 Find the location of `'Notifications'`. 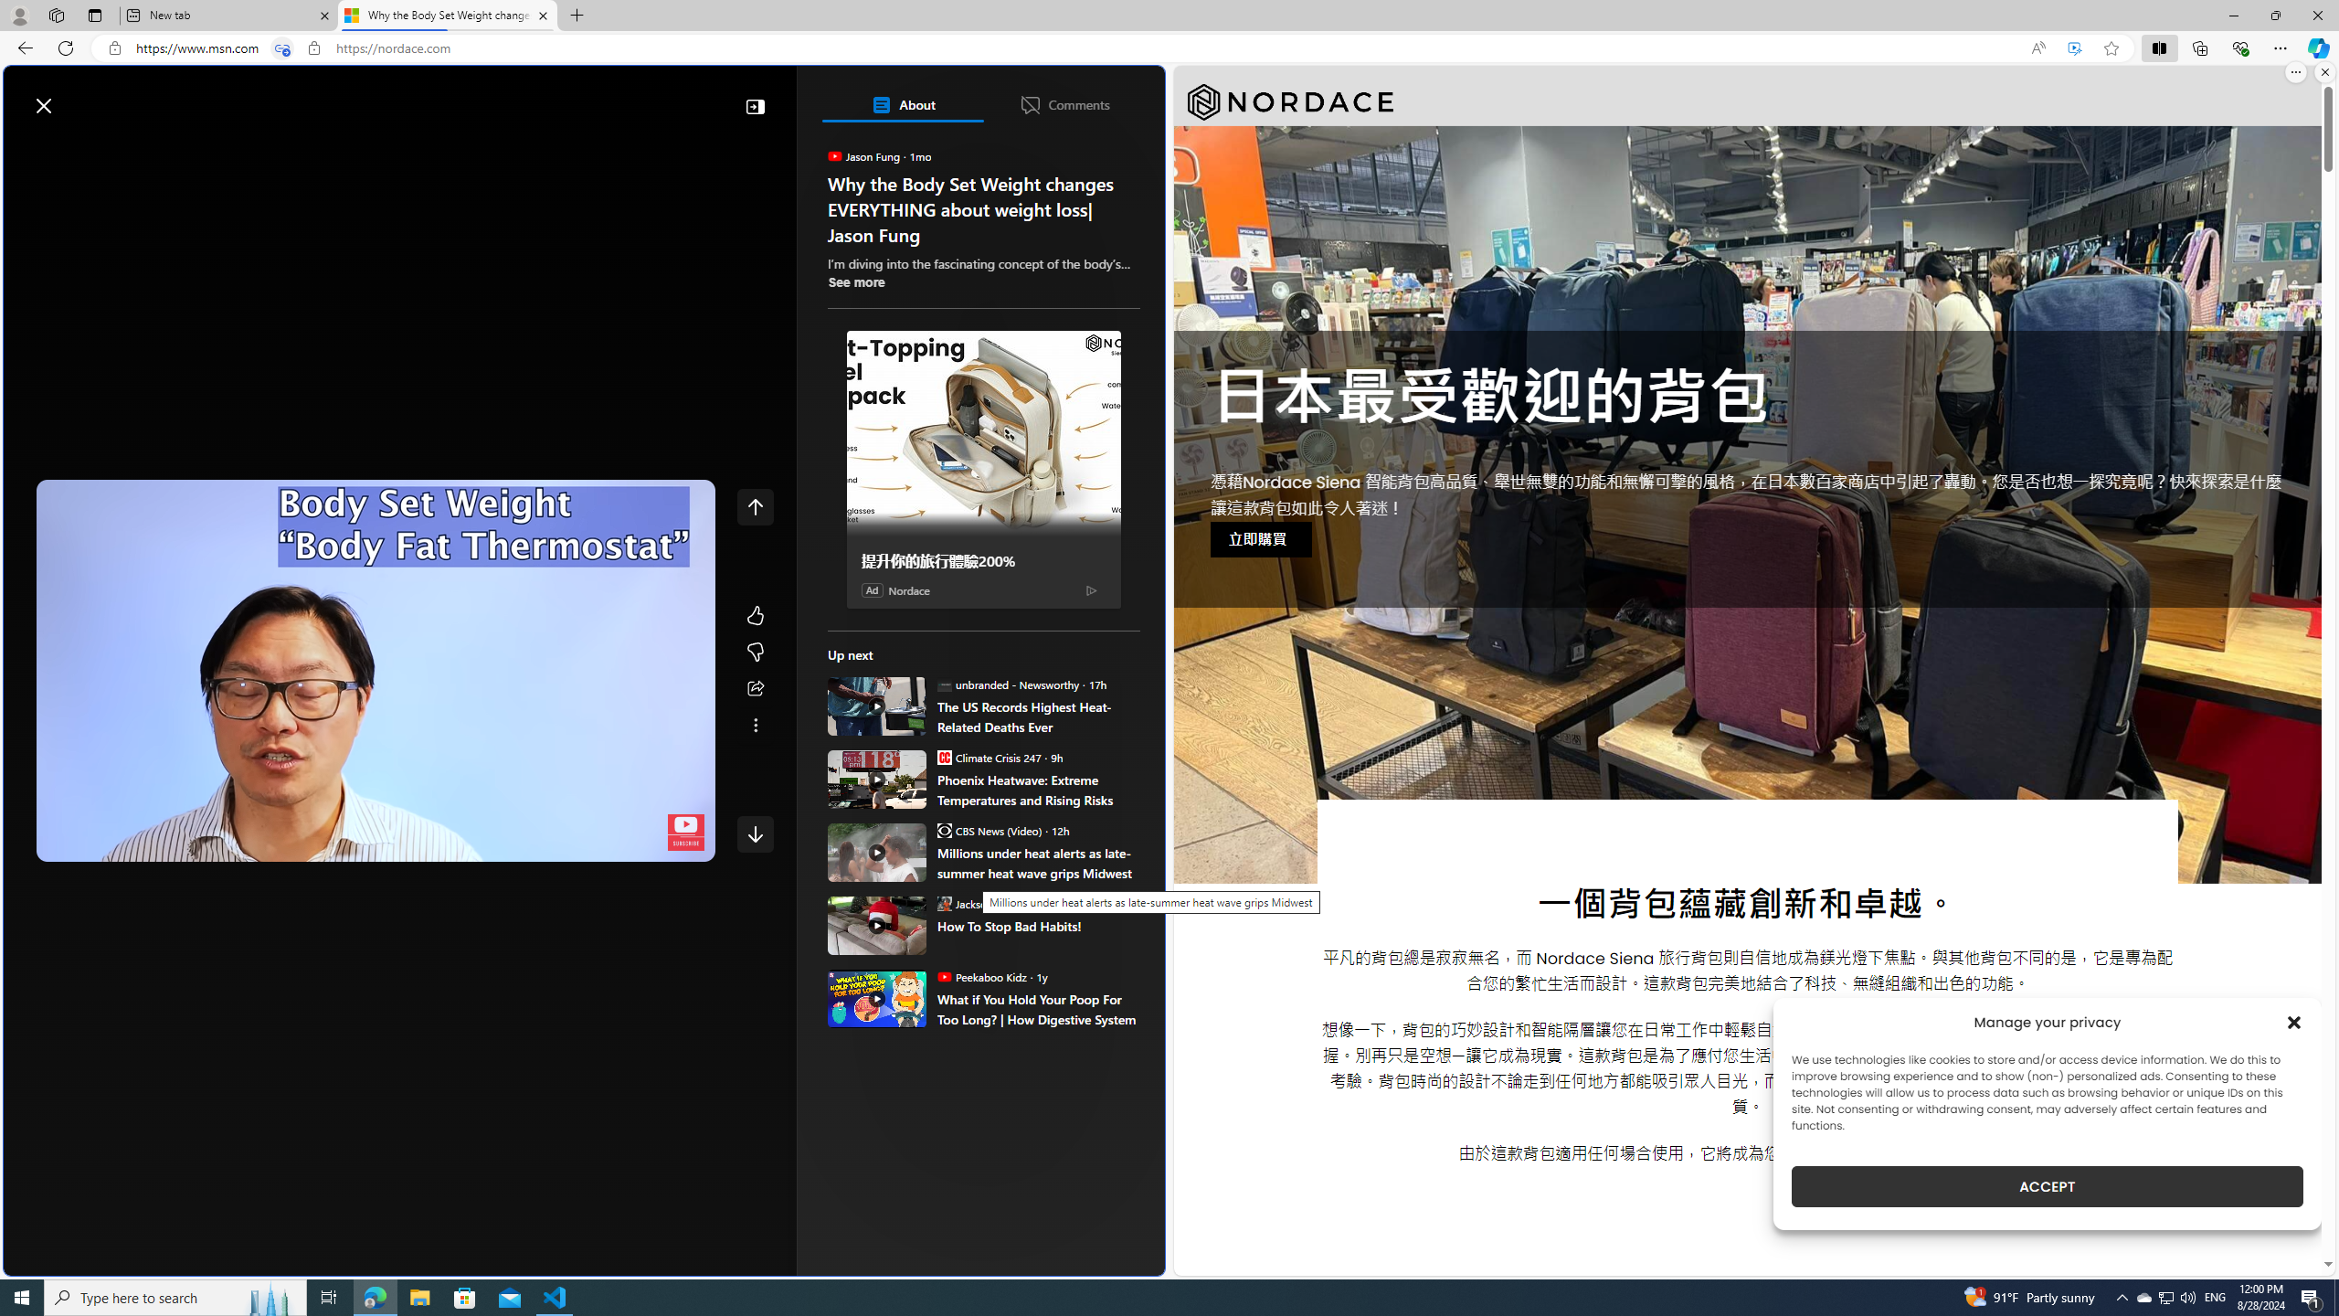

'Notifications' is located at coordinates (1087, 97).